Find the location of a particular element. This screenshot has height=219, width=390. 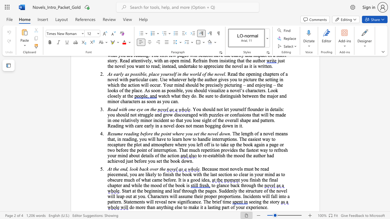

the subset text "l ch" within the text "final chapter" is located at coordinates (276, 179).